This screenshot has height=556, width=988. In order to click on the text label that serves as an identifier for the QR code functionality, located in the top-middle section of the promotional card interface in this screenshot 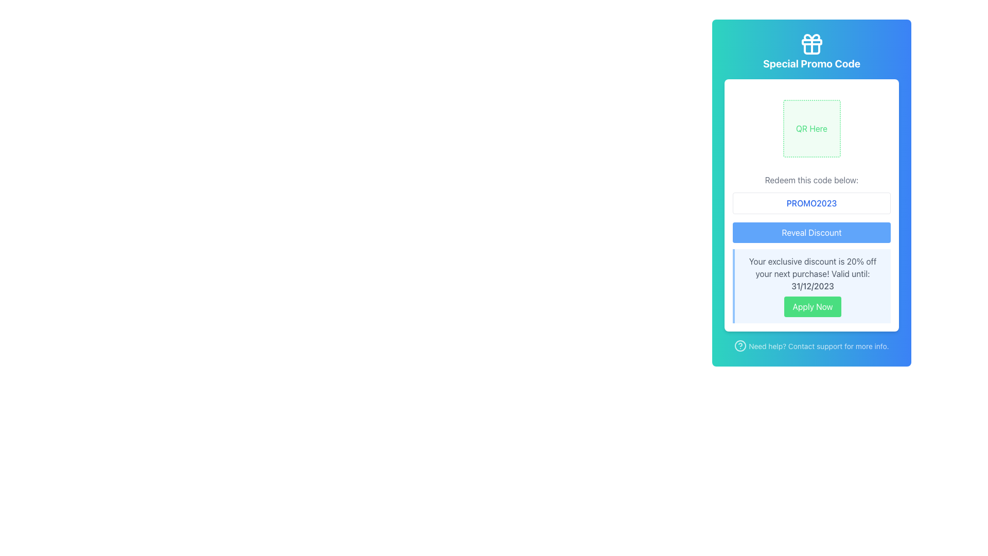, I will do `click(811, 128)`.